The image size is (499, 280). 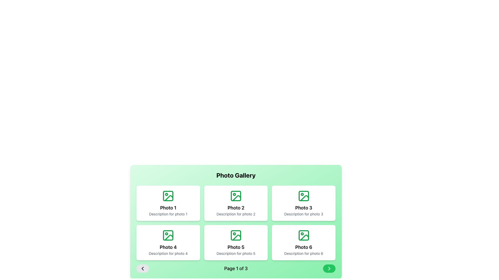 I want to click on the image icon located in the bottom row of the grid, specifically the fifth icon of the gallery, so click(x=237, y=237).